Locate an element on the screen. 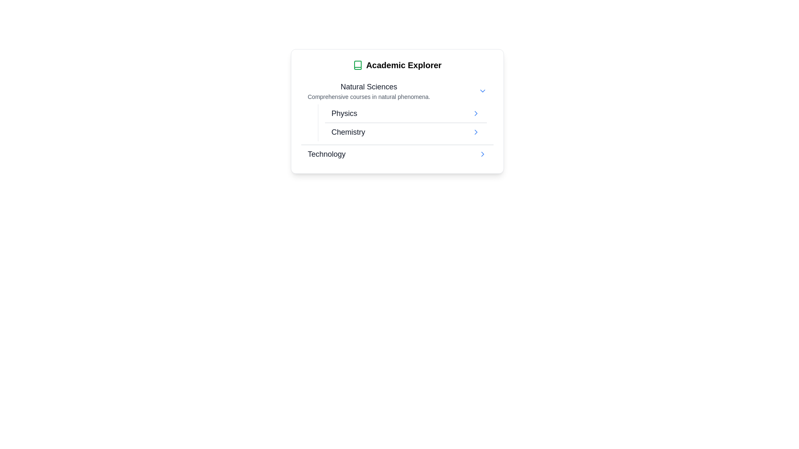  the second item in the Navigation menu under the 'Natural Sciences' category, which leads to the detailed view about 'Chemistry' is located at coordinates (405, 131).